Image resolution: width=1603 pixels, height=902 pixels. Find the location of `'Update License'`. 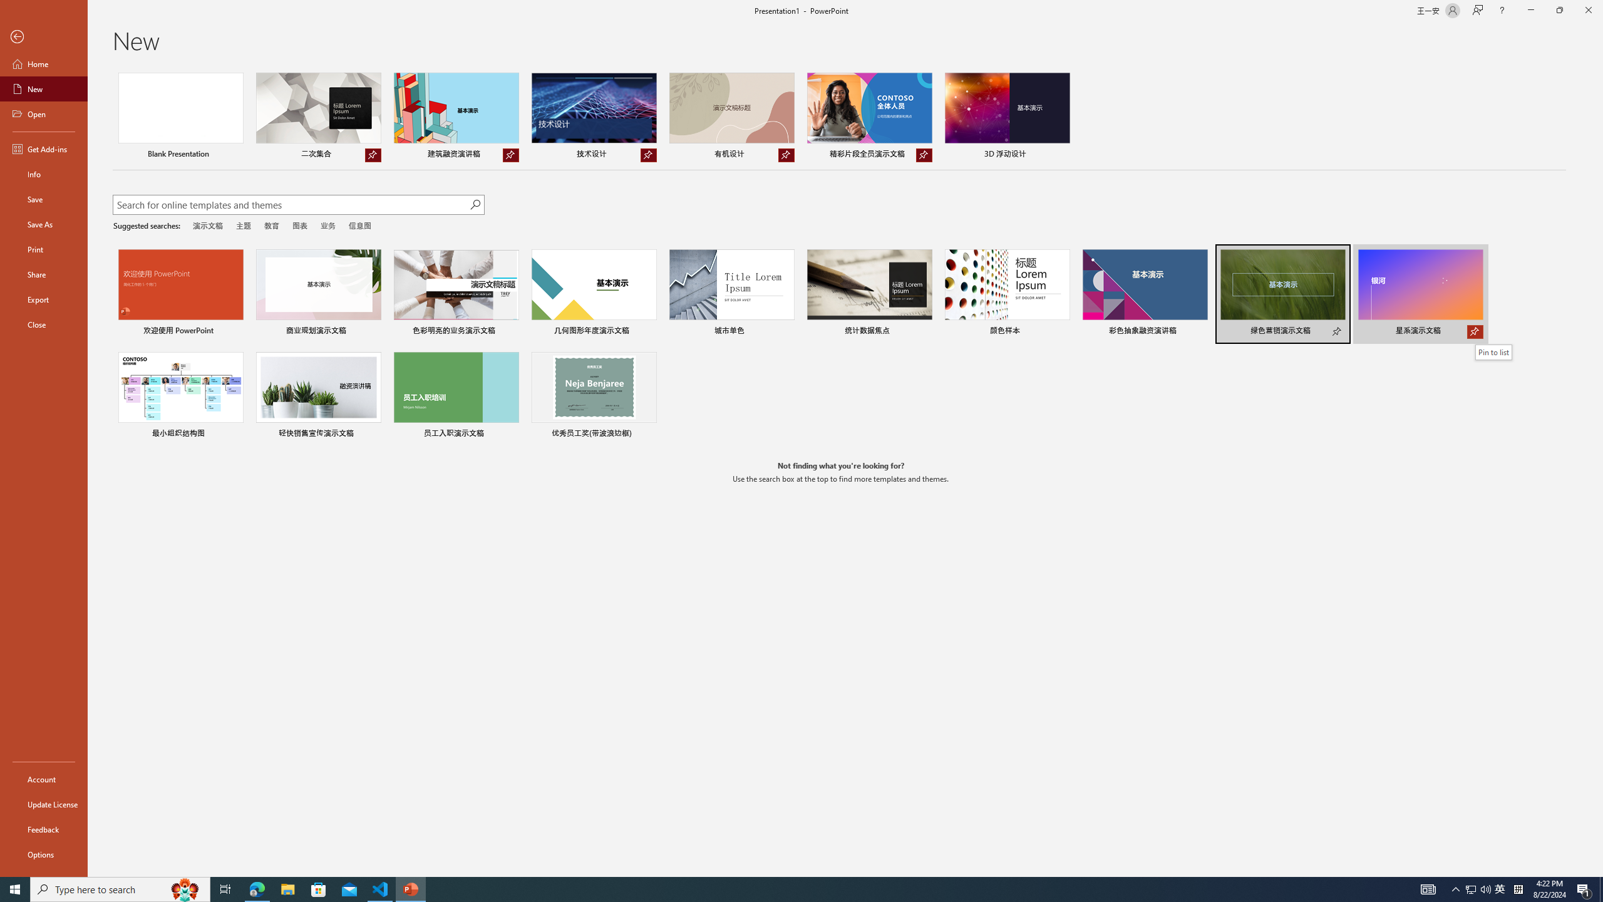

'Update License' is located at coordinates (43, 804).